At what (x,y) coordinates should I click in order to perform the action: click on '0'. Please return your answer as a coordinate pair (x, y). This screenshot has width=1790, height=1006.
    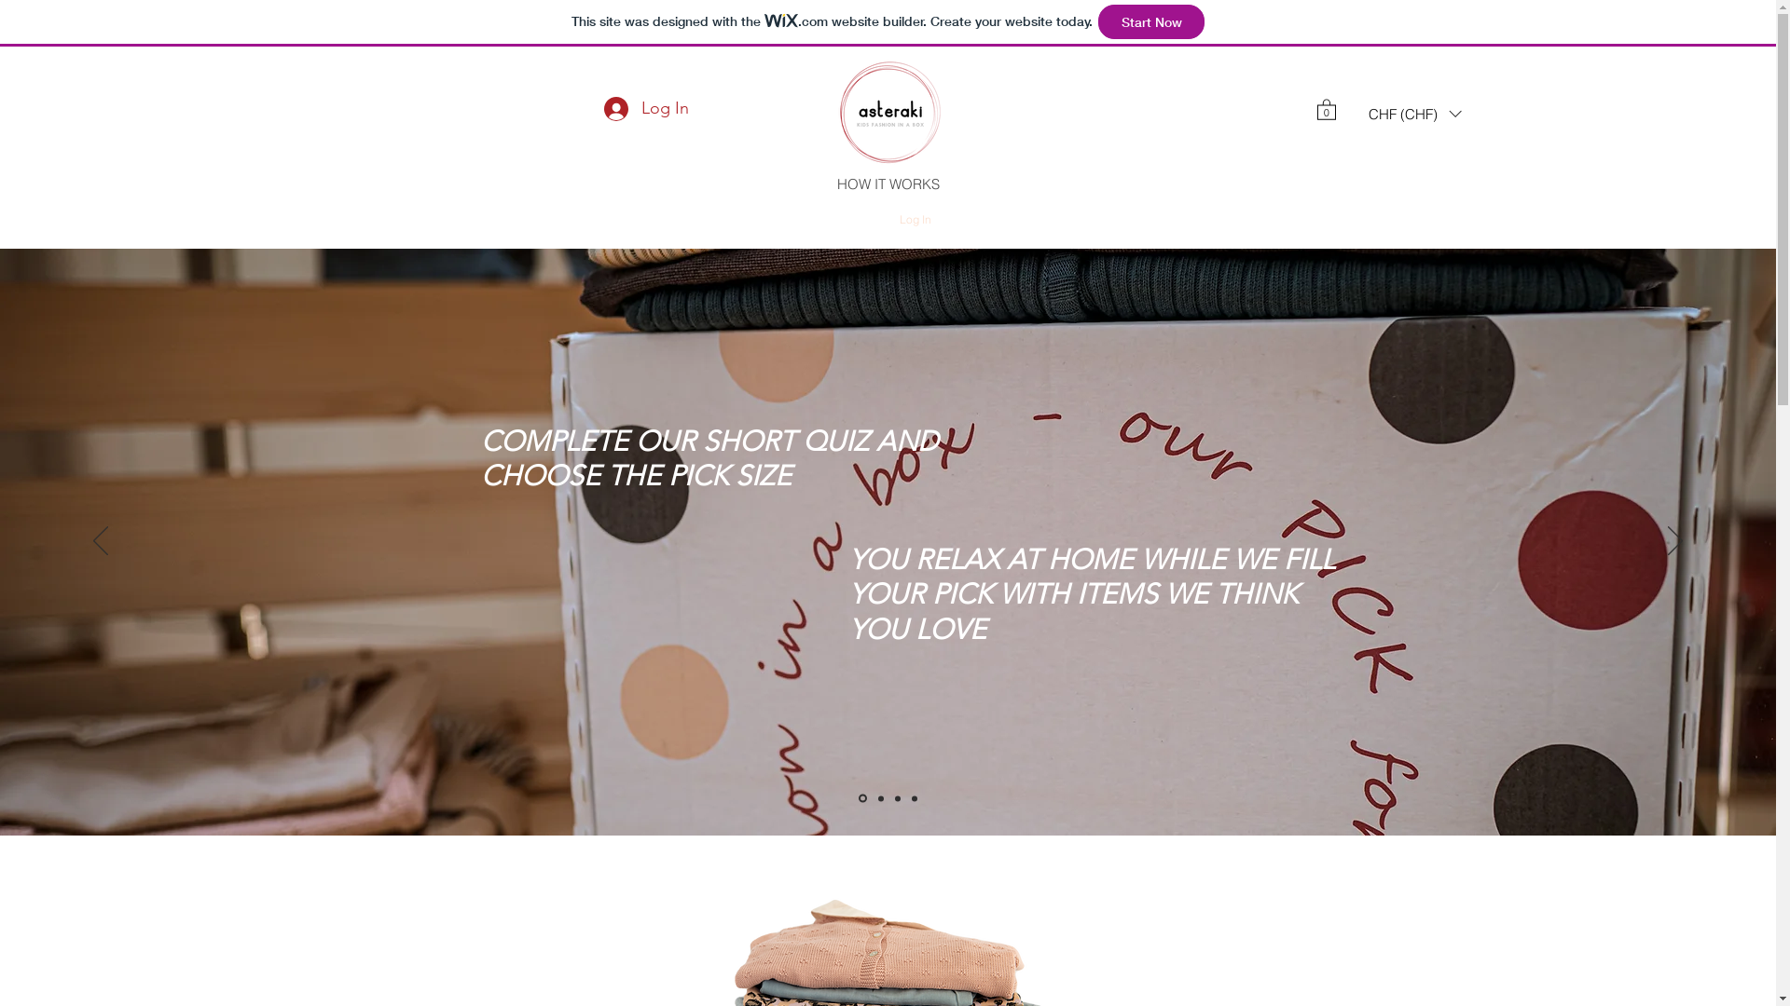
    Looking at the image, I should click on (1324, 108).